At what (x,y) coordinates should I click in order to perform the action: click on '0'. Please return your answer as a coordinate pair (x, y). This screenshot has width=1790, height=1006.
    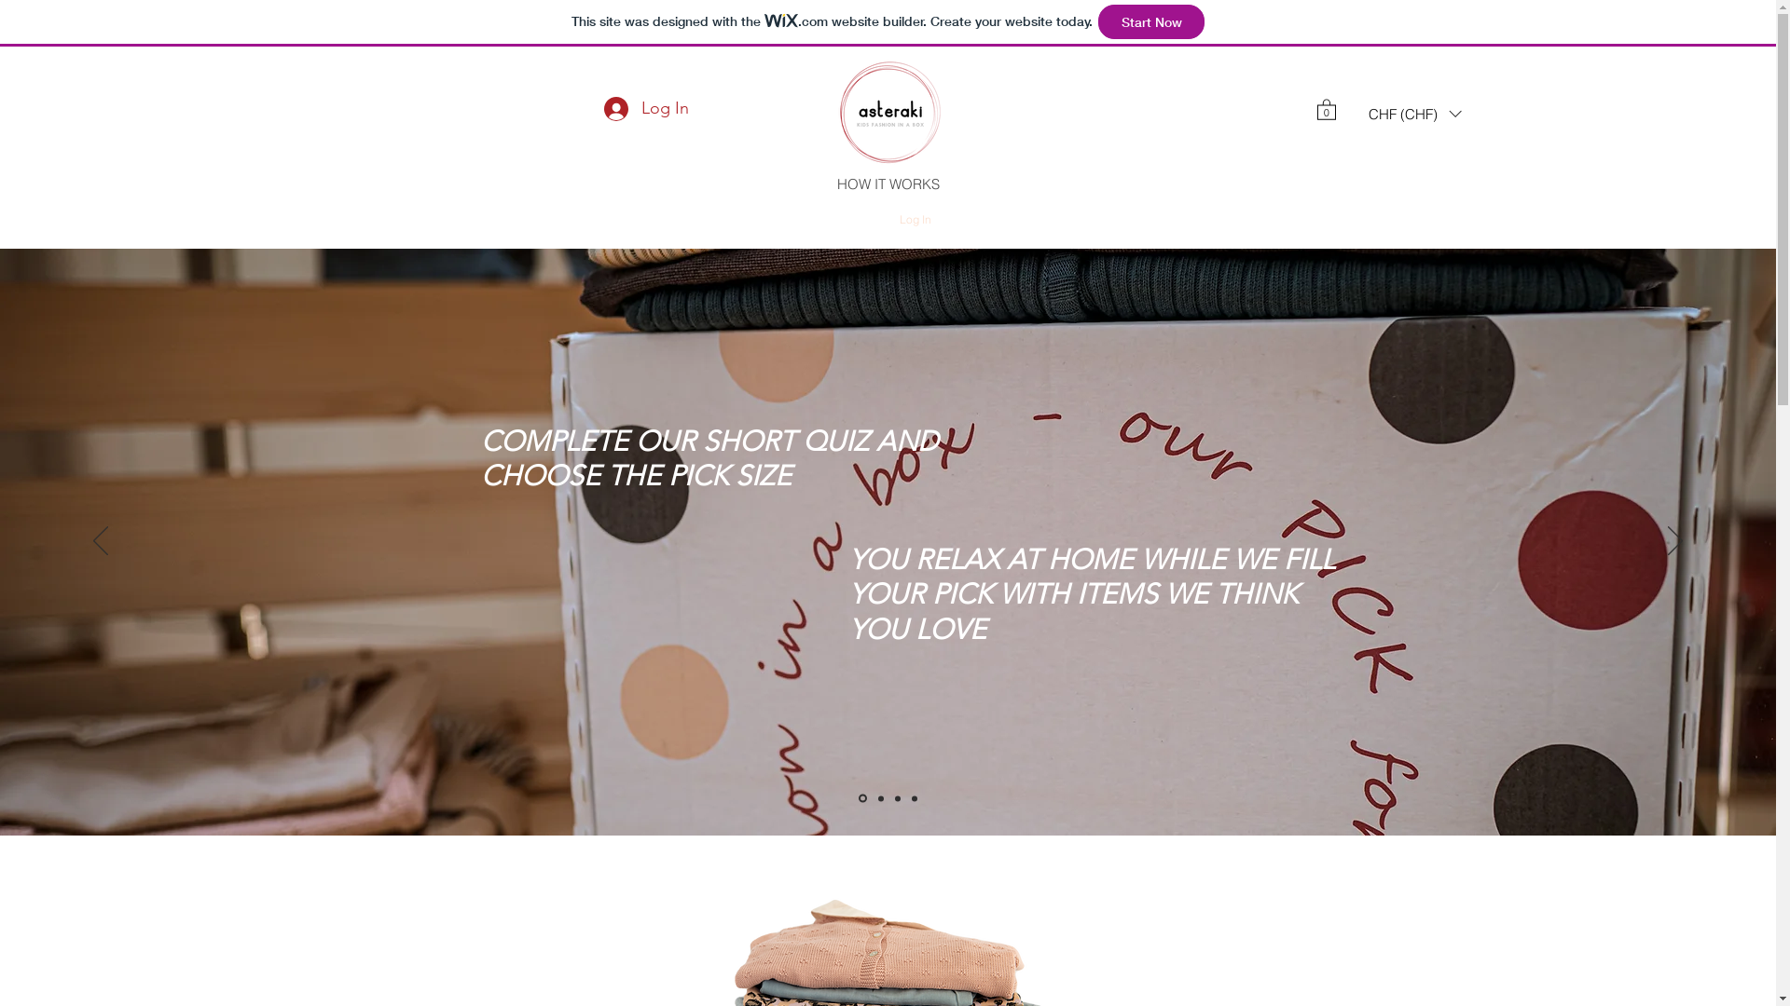
    Looking at the image, I should click on (1324, 108).